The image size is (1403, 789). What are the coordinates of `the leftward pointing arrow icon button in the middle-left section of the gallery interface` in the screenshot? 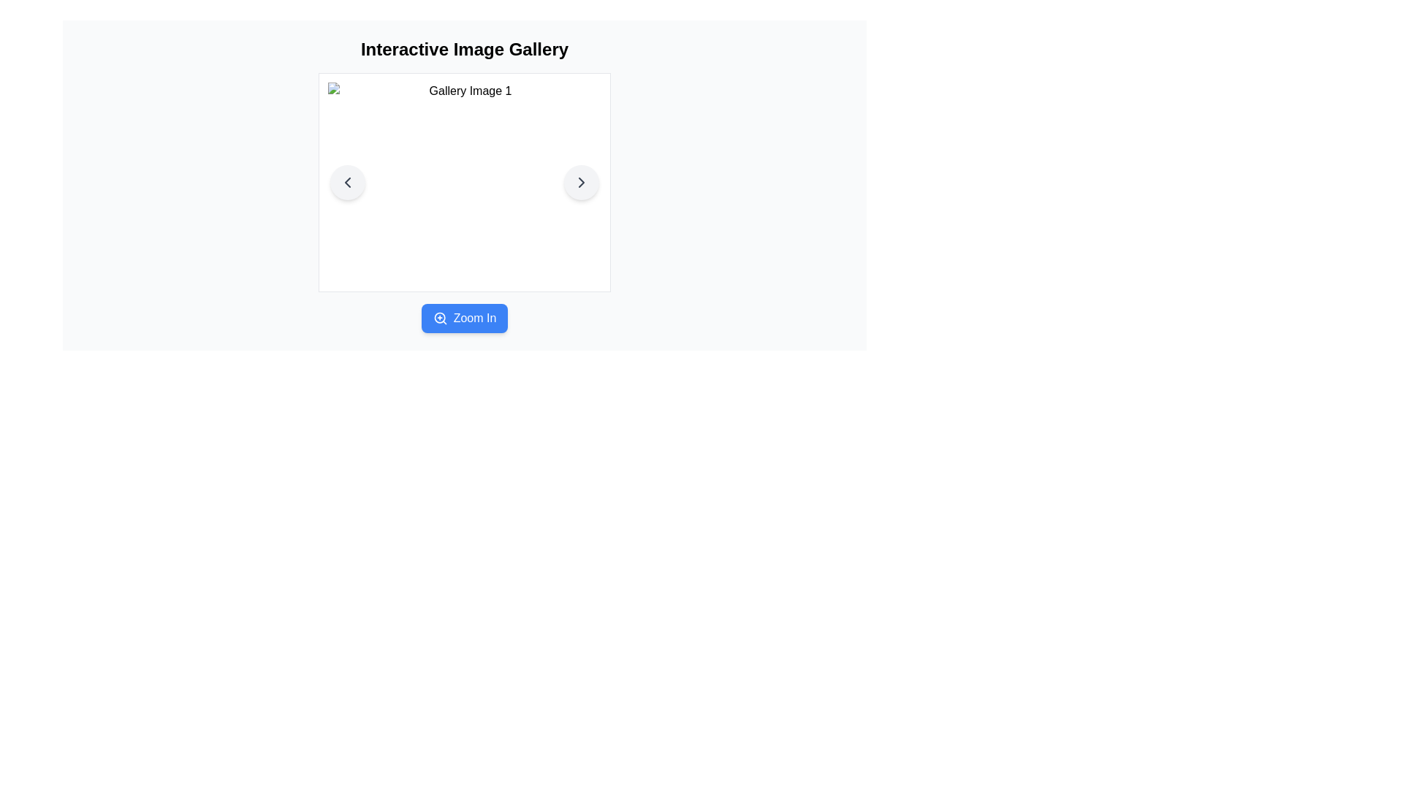 It's located at (346, 182).